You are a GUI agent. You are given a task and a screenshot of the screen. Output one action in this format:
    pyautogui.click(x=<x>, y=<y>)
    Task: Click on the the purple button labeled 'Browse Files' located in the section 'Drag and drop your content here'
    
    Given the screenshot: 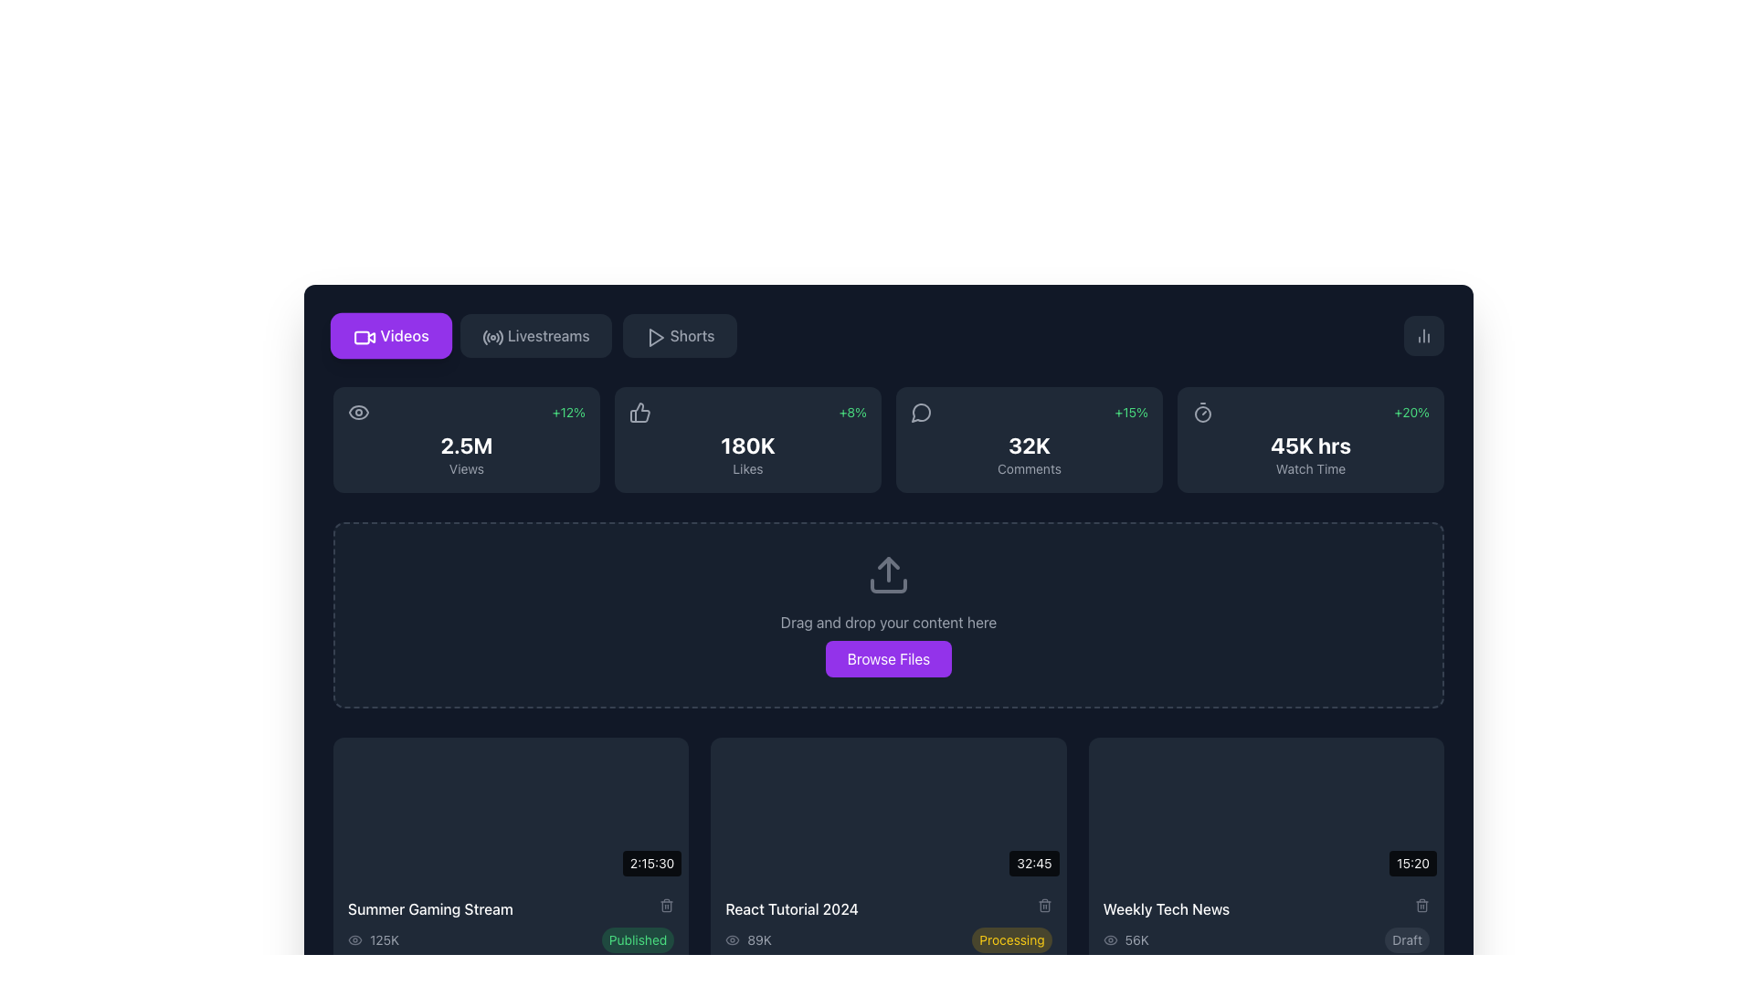 What is the action you would take?
    pyautogui.click(x=889, y=658)
    